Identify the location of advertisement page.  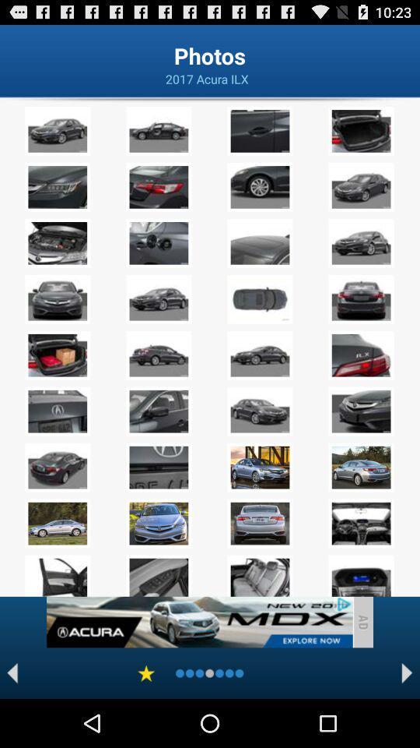
(199, 622).